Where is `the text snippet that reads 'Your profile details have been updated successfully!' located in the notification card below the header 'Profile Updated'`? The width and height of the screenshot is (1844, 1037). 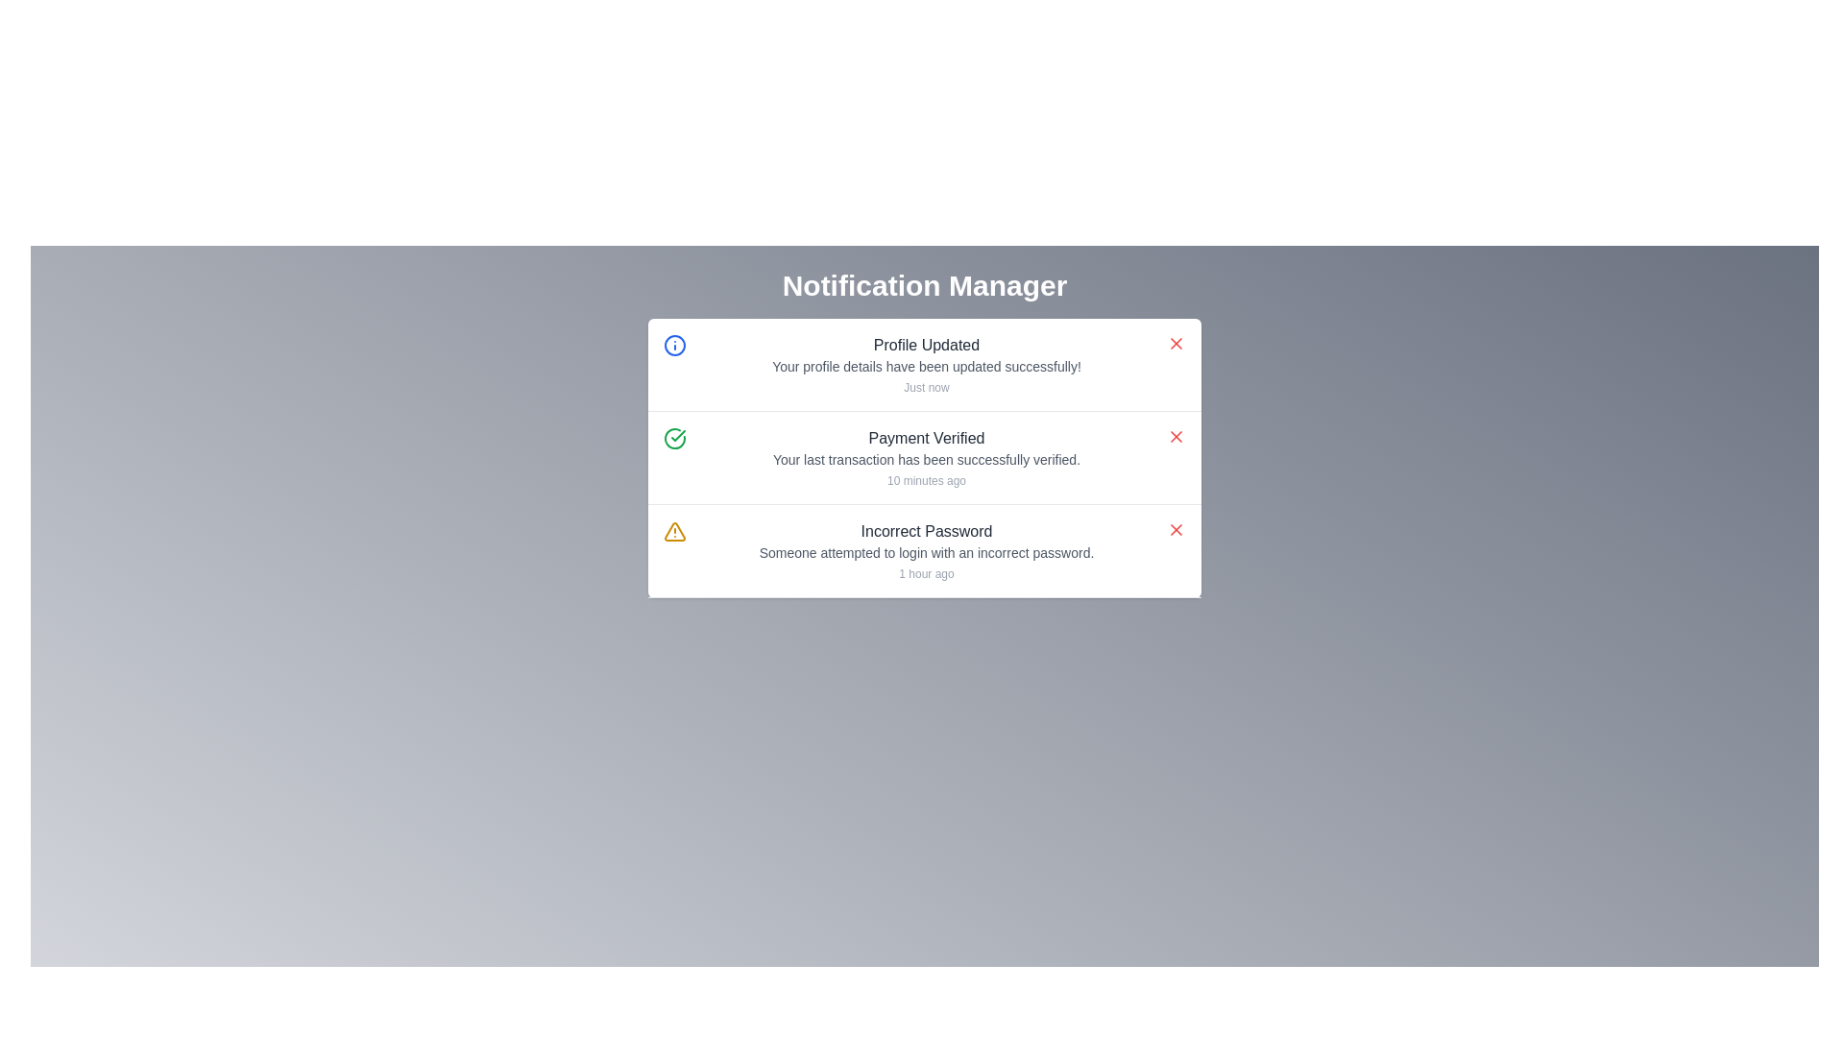
the text snippet that reads 'Your profile details have been updated successfully!' located in the notification card below the header 'Profile Updated' is located at coordinates (926, 366).